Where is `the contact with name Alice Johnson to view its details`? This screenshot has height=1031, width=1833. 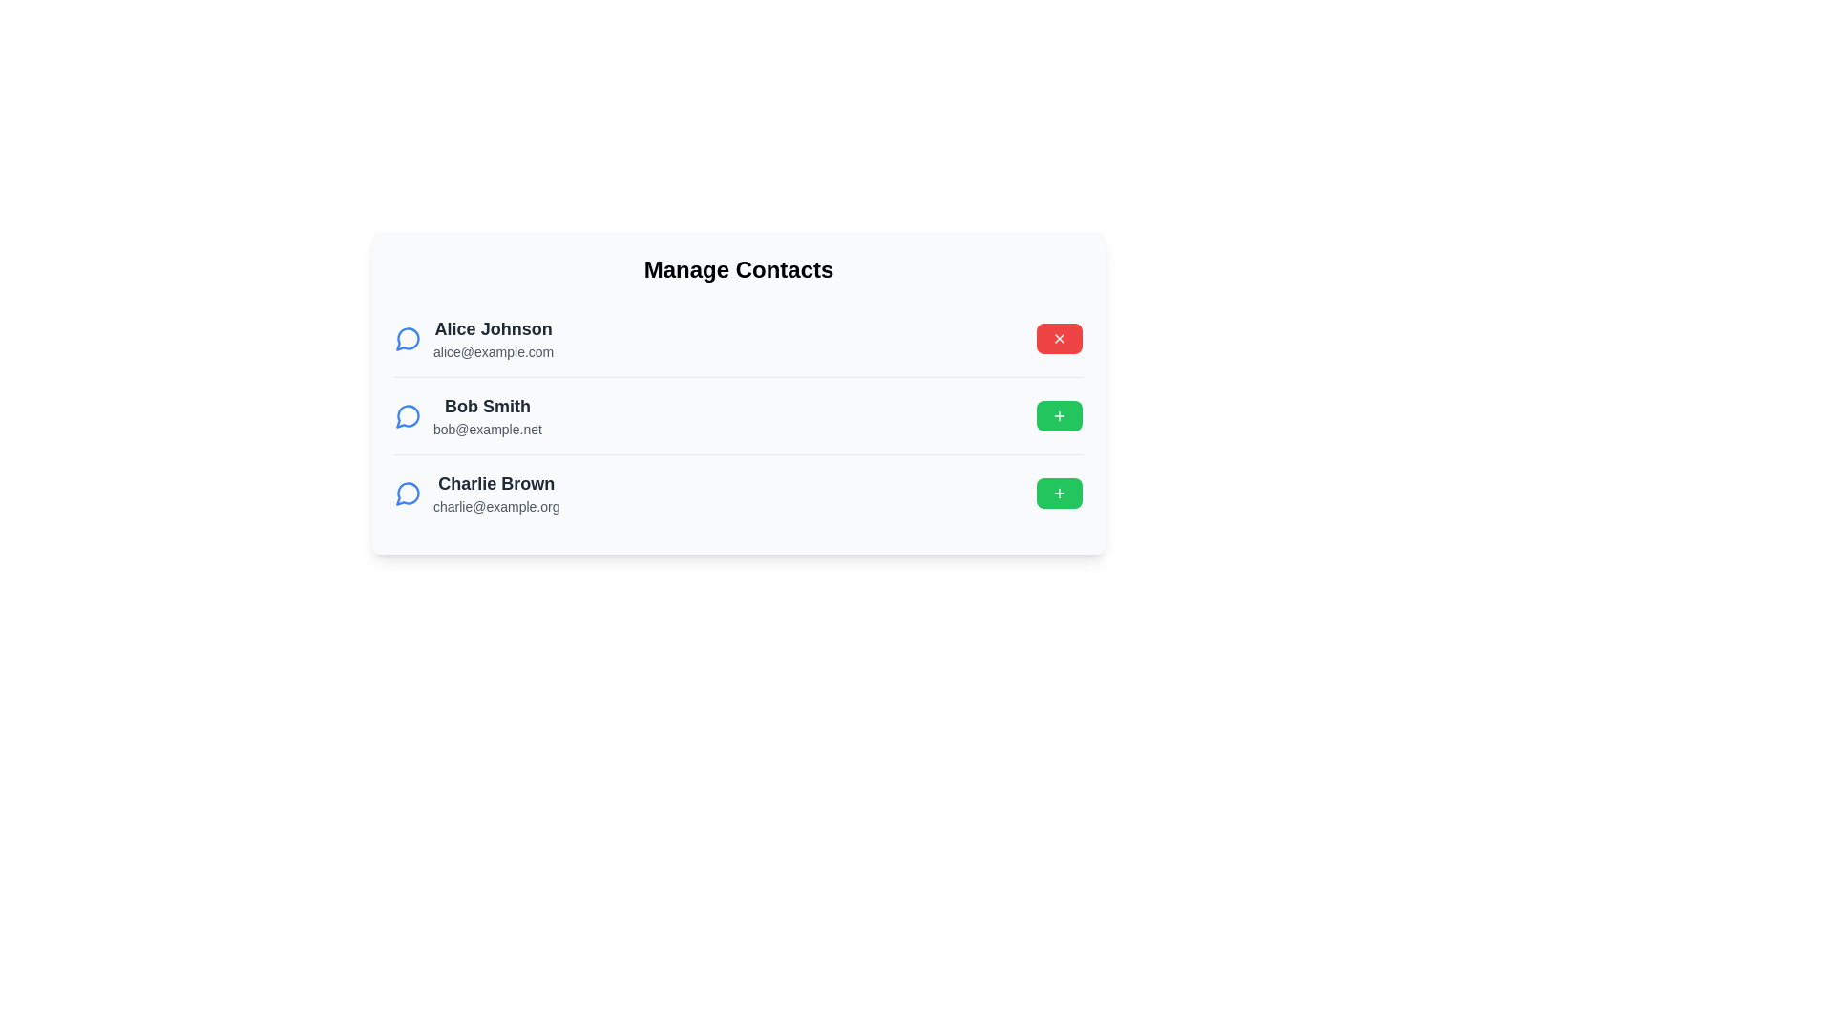
the contact with name Alice Johnson to view its details is located at coordinates (474, 337).